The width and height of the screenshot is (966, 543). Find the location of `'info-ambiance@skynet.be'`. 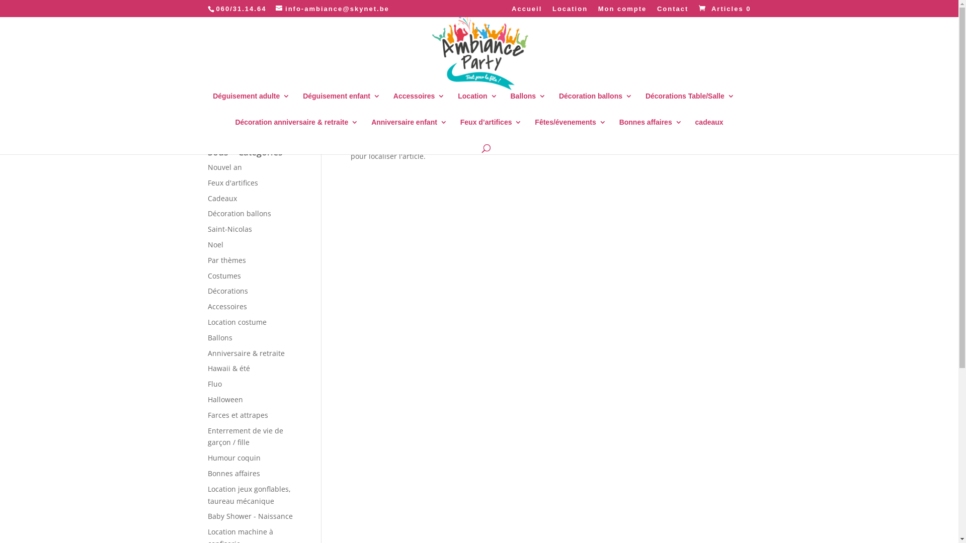

'info-ambiance@skynet.be' is located at coordinates (333, 9).